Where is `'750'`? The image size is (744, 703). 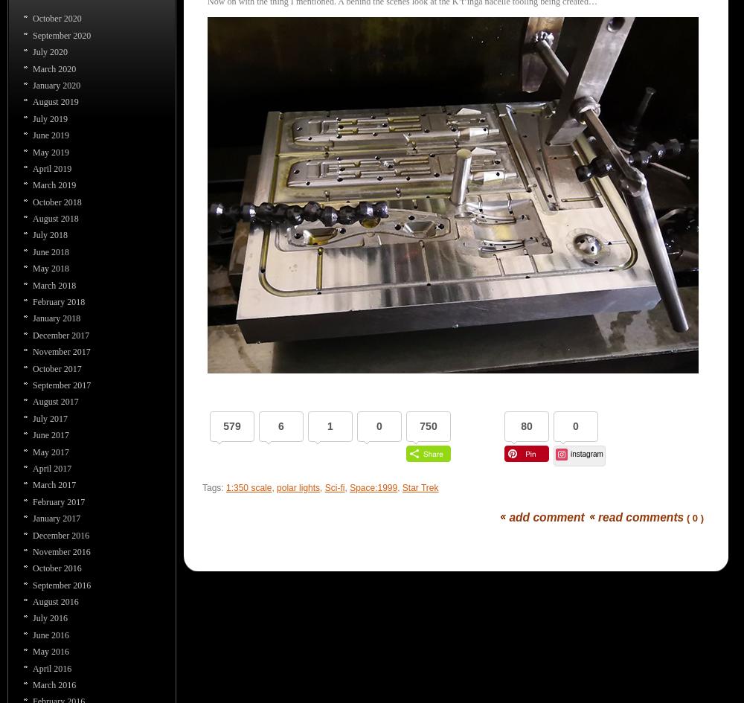
'750' is located at coordinates (427, 426).